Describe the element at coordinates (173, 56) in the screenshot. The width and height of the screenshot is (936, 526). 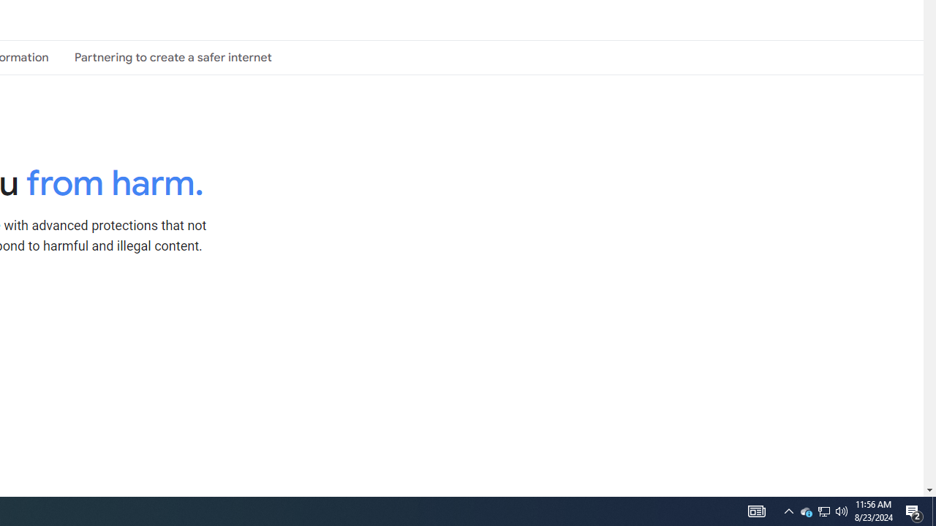
I see `'Partnering to create a safer internet'` at that location.